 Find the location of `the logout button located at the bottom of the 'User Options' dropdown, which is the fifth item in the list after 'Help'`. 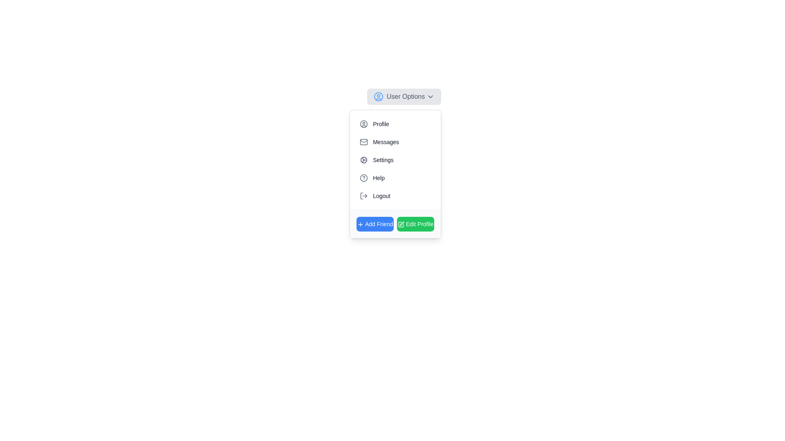

the logout button located at the bottom of the 'User Options' dropdown, which is the fifth item in the list after 'Help' is located at coordinates (395, 196).